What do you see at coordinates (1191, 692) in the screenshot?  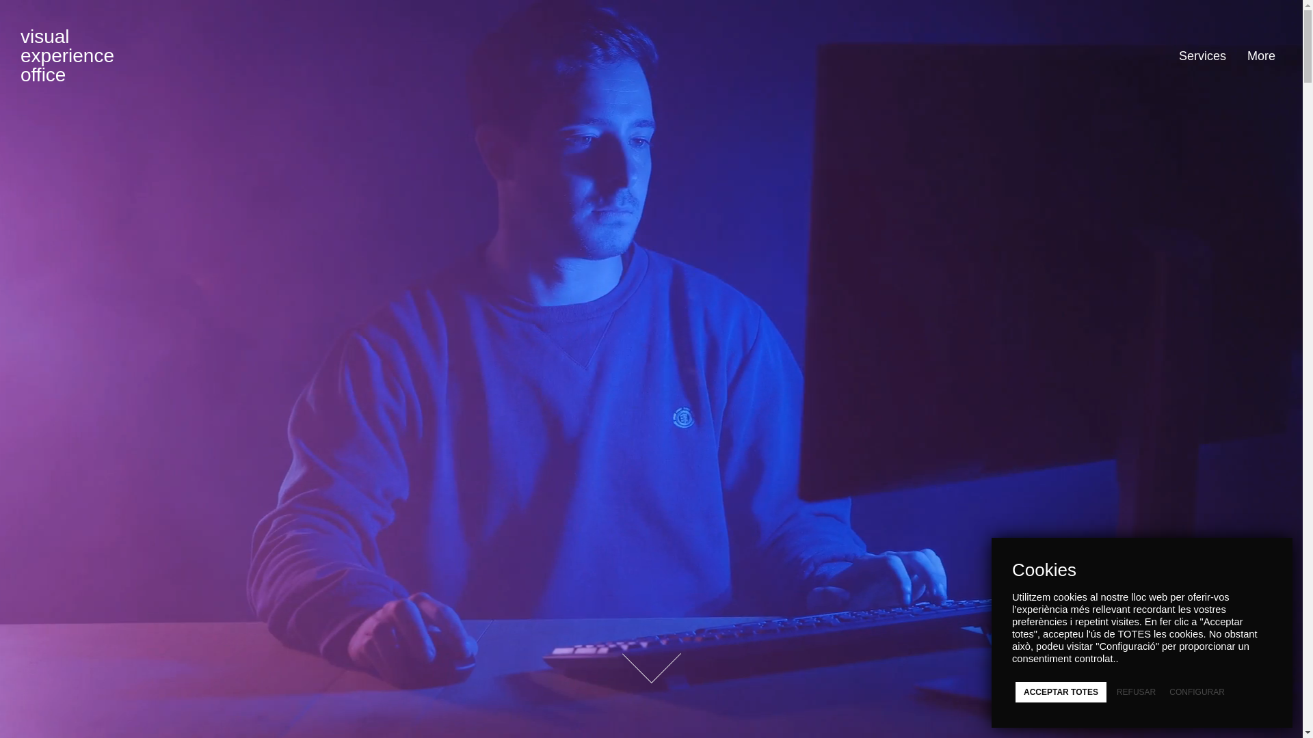 I see `'CONFIGURAR'` at bounding box center [1191, 692].